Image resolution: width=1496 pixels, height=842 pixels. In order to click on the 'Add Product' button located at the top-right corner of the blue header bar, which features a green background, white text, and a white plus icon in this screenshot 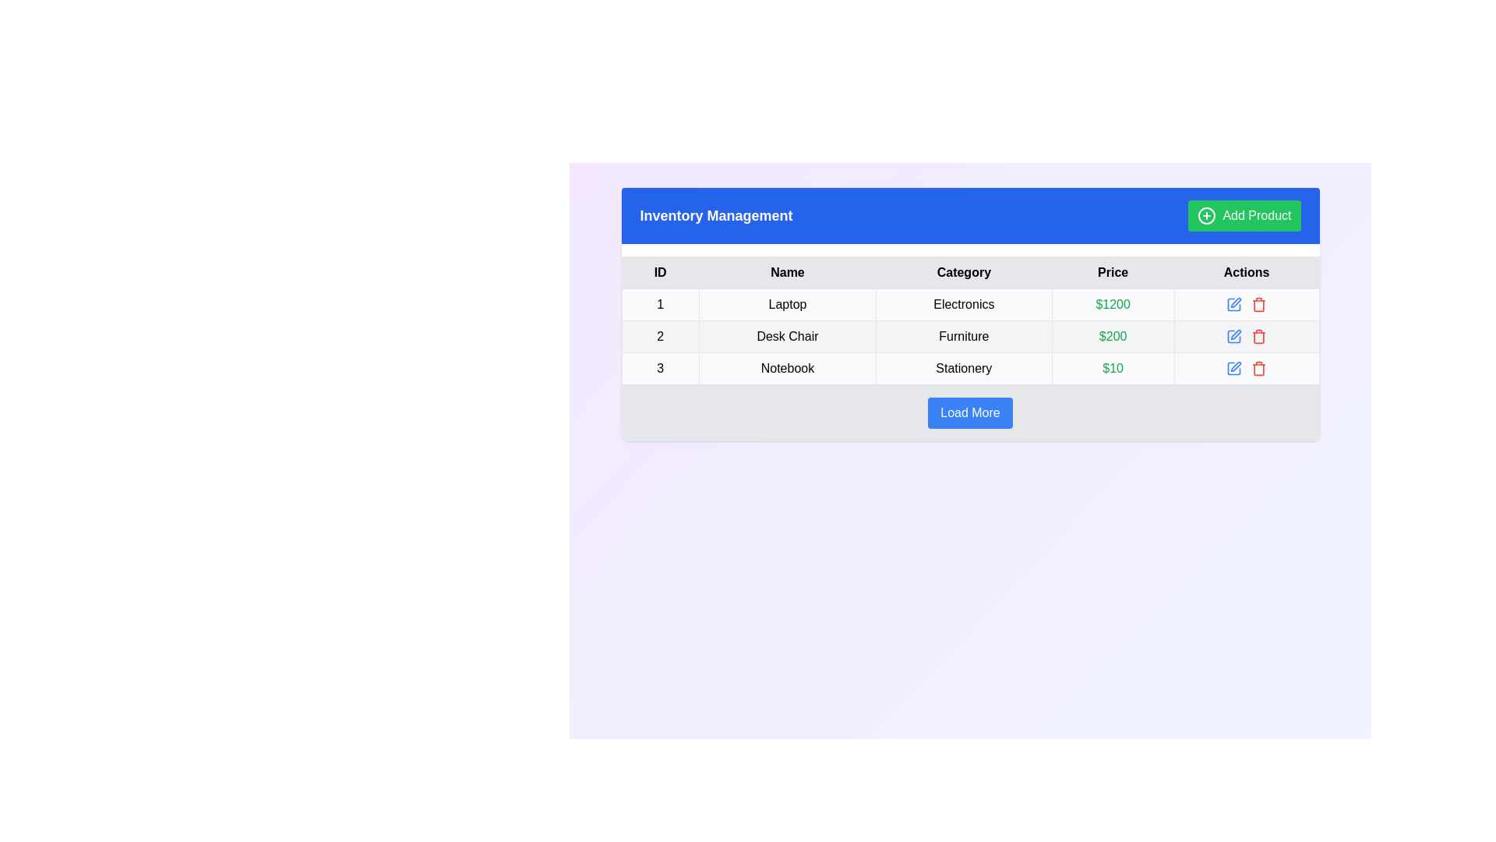, I will do `click(1244, 216)`.